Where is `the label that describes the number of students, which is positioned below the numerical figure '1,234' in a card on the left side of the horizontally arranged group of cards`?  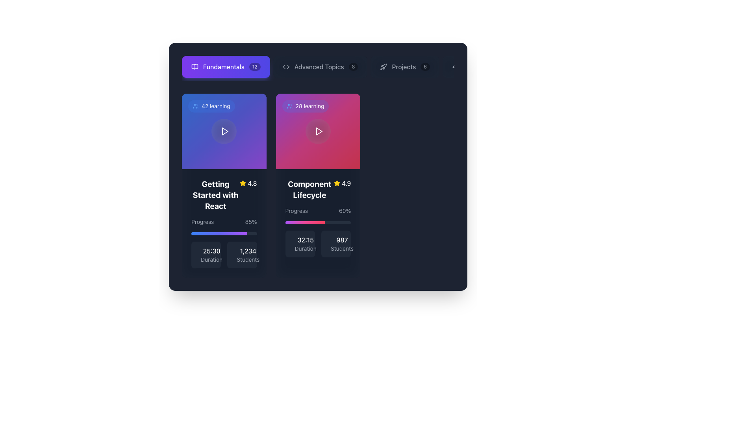
the label that describes the number of students, which is positioned below the numerical figure '1,234' in a card on the left side of the horizontally arranged group of cards is located at coordinates (248, 259).